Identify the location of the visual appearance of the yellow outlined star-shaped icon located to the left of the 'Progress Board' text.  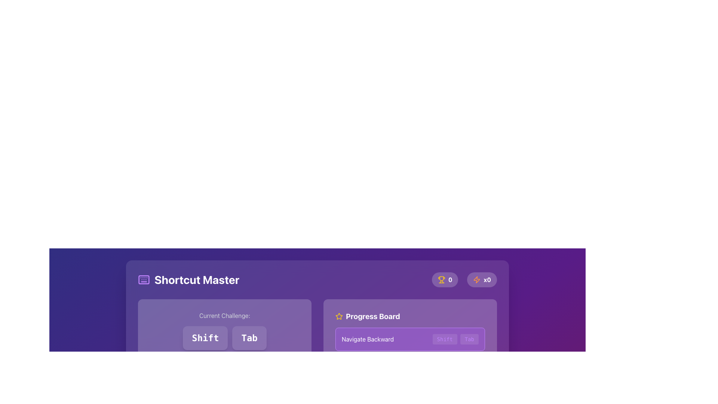
(339, 316).